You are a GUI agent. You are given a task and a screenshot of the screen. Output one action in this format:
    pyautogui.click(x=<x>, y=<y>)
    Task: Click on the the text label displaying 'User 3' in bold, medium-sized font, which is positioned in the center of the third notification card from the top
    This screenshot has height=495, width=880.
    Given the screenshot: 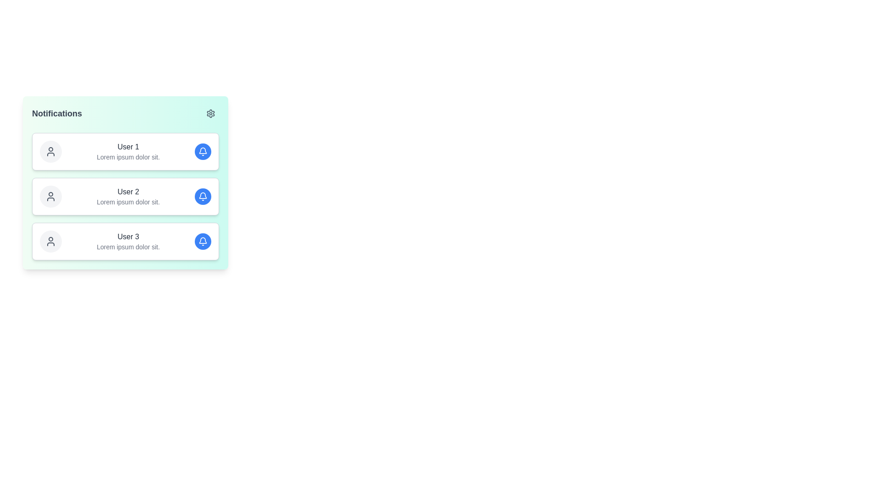 What is the action you would take?
    pyautogui.click(x=127, y=236)
    